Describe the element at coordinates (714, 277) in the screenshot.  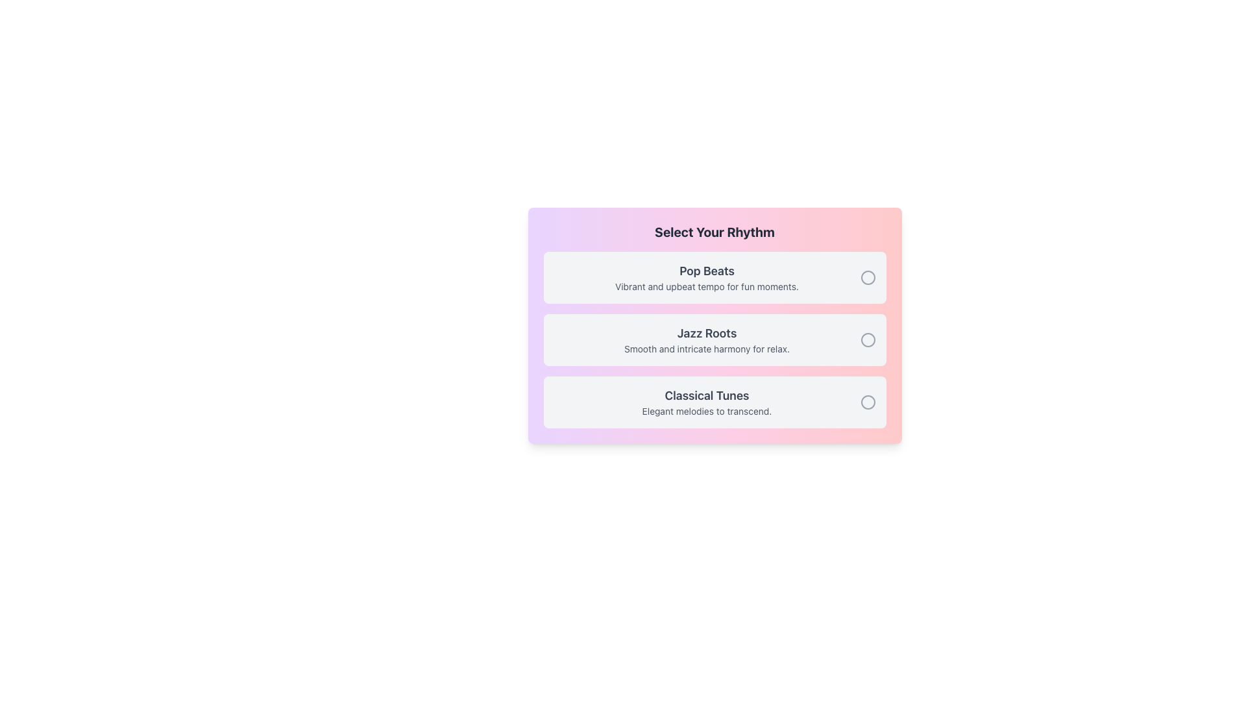
I see `the topmost selectable list item with the 'Pop Beats' label and associated radio button for potential interaction` at that location.